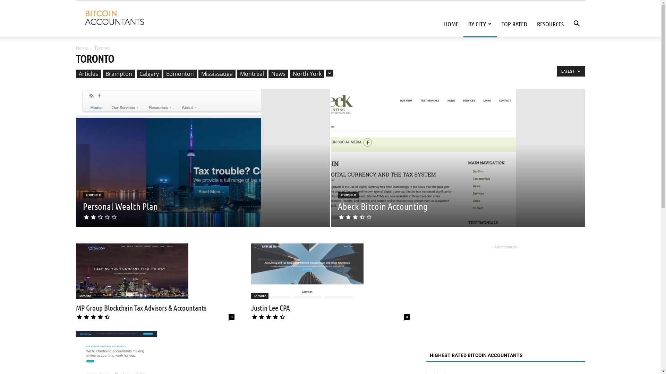 The height and width of the screenshot is (374, 666). Describe the element at coordinates (75, 74) in the screenshot. I see `'Articles'` at that location.